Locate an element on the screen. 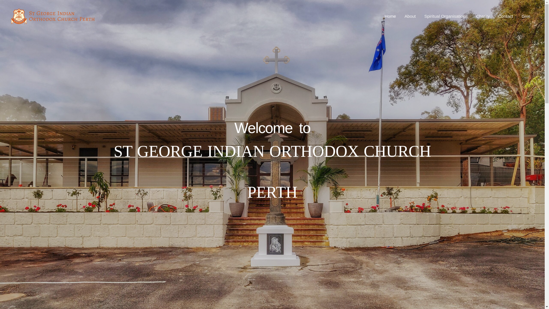 Image resolution: width=549 pixels, height=309 pixels. 'Home' is located at coordinates (390, 16).